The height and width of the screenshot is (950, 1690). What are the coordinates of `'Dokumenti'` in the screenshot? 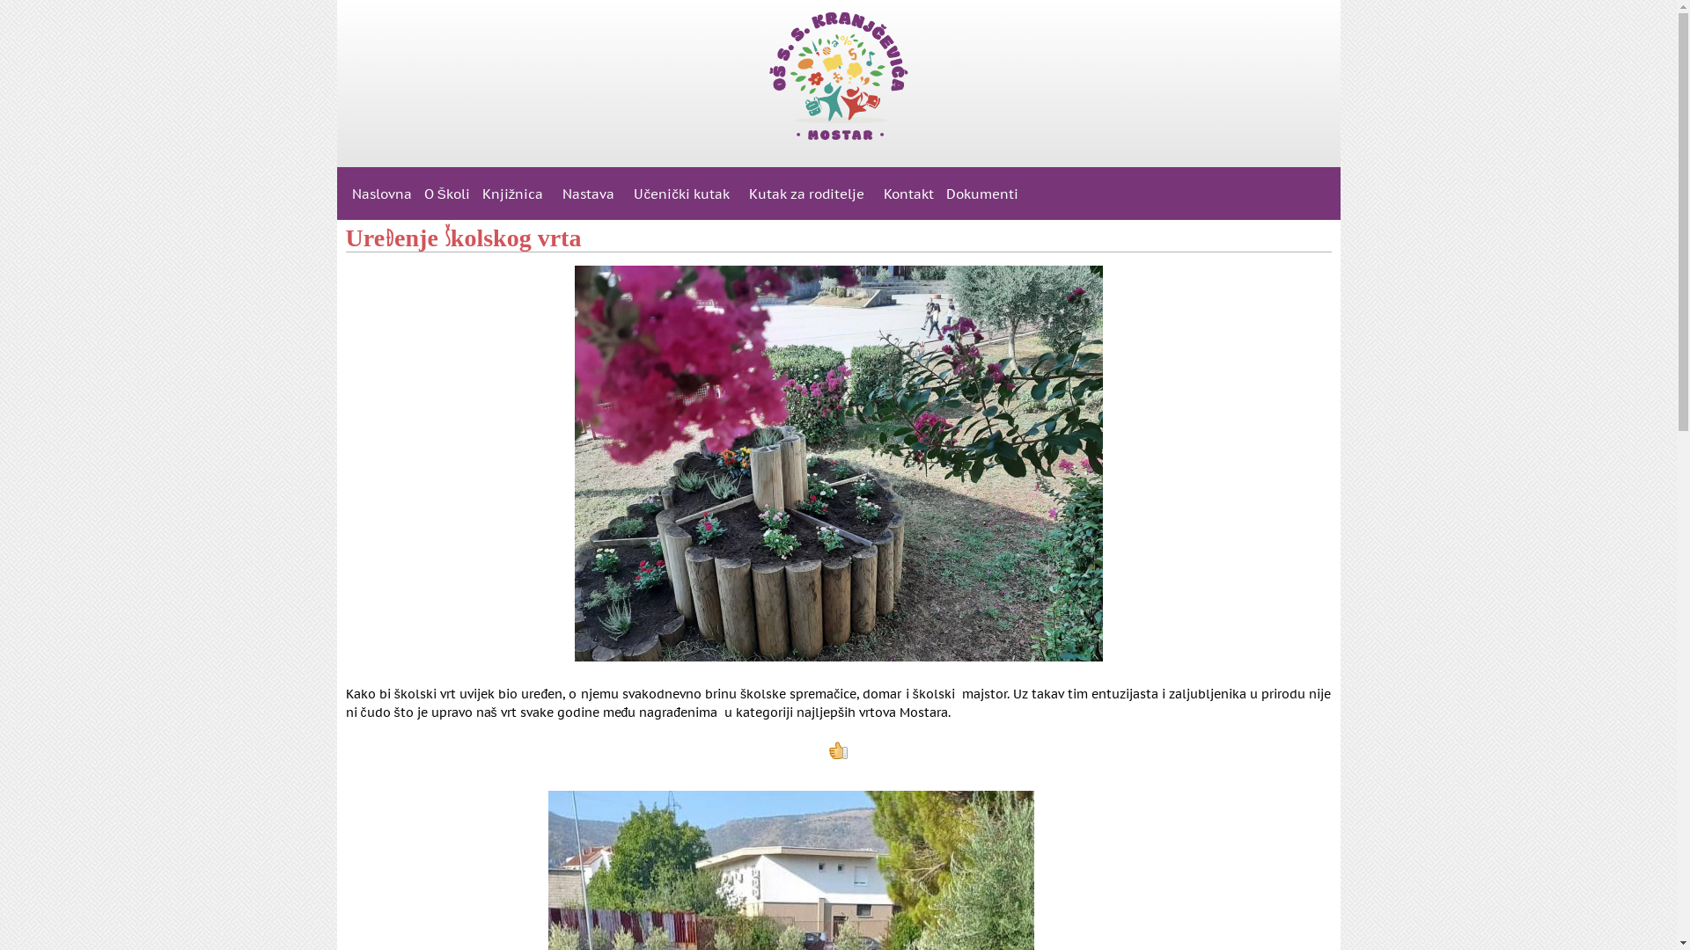 It's located at (981, 193).